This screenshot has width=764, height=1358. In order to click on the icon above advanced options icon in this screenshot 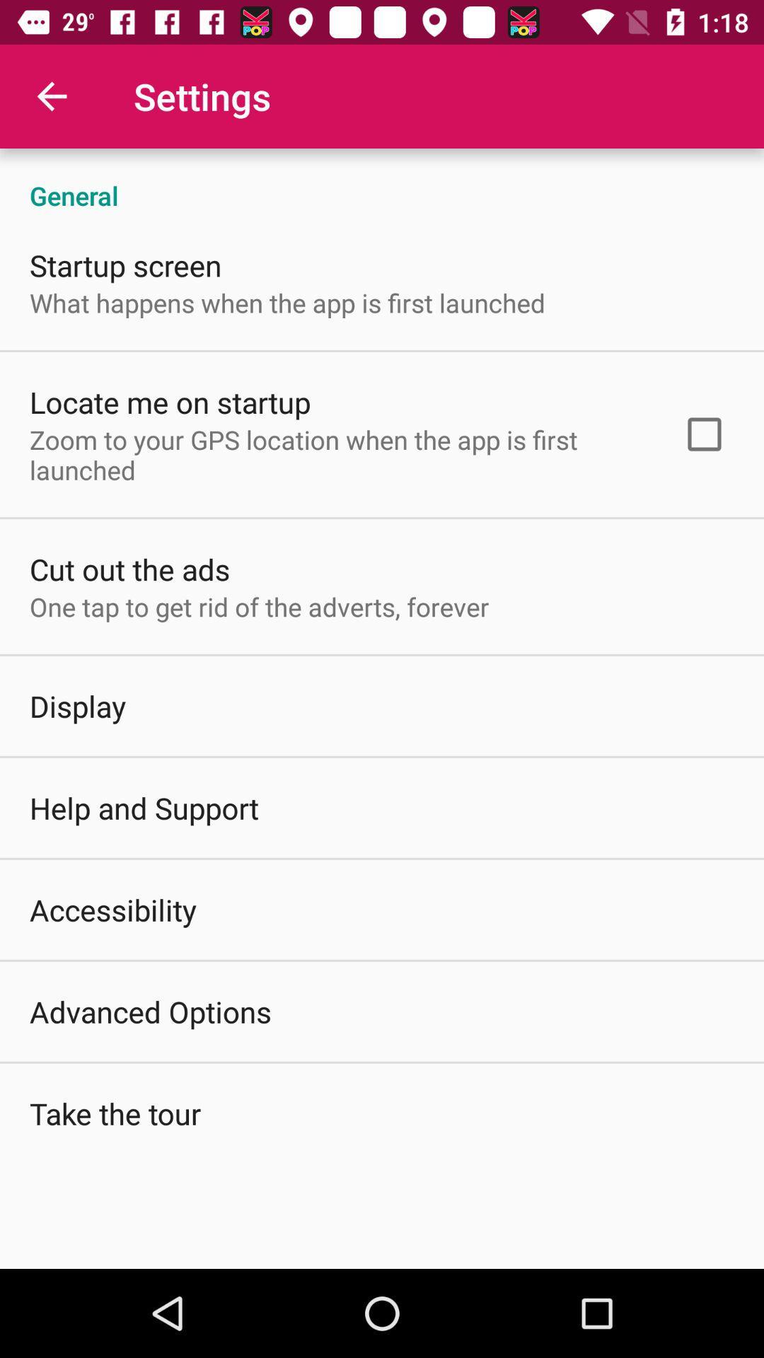, I will do `click(112, 910)`.